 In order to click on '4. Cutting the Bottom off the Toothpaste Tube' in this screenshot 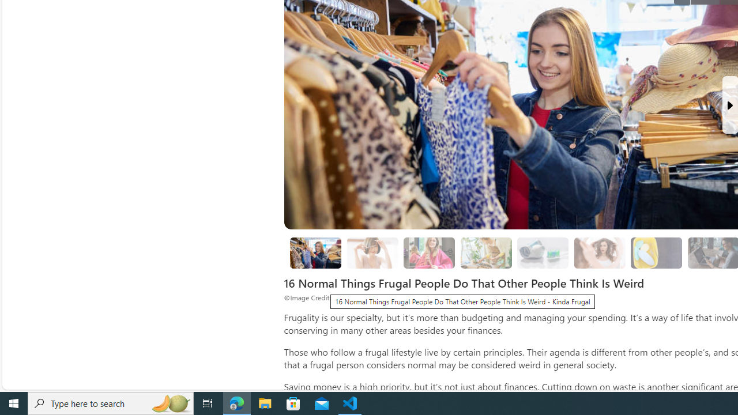, I will do `click(542, 252)`.